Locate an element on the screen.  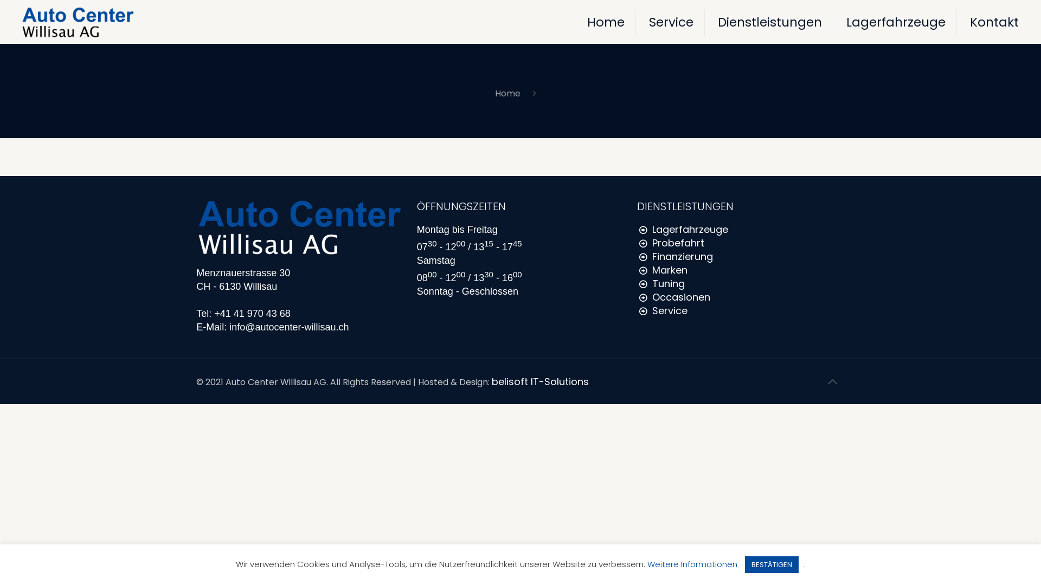
'info@autocenter-willisau.ch' is located at coordinates (288, 327).